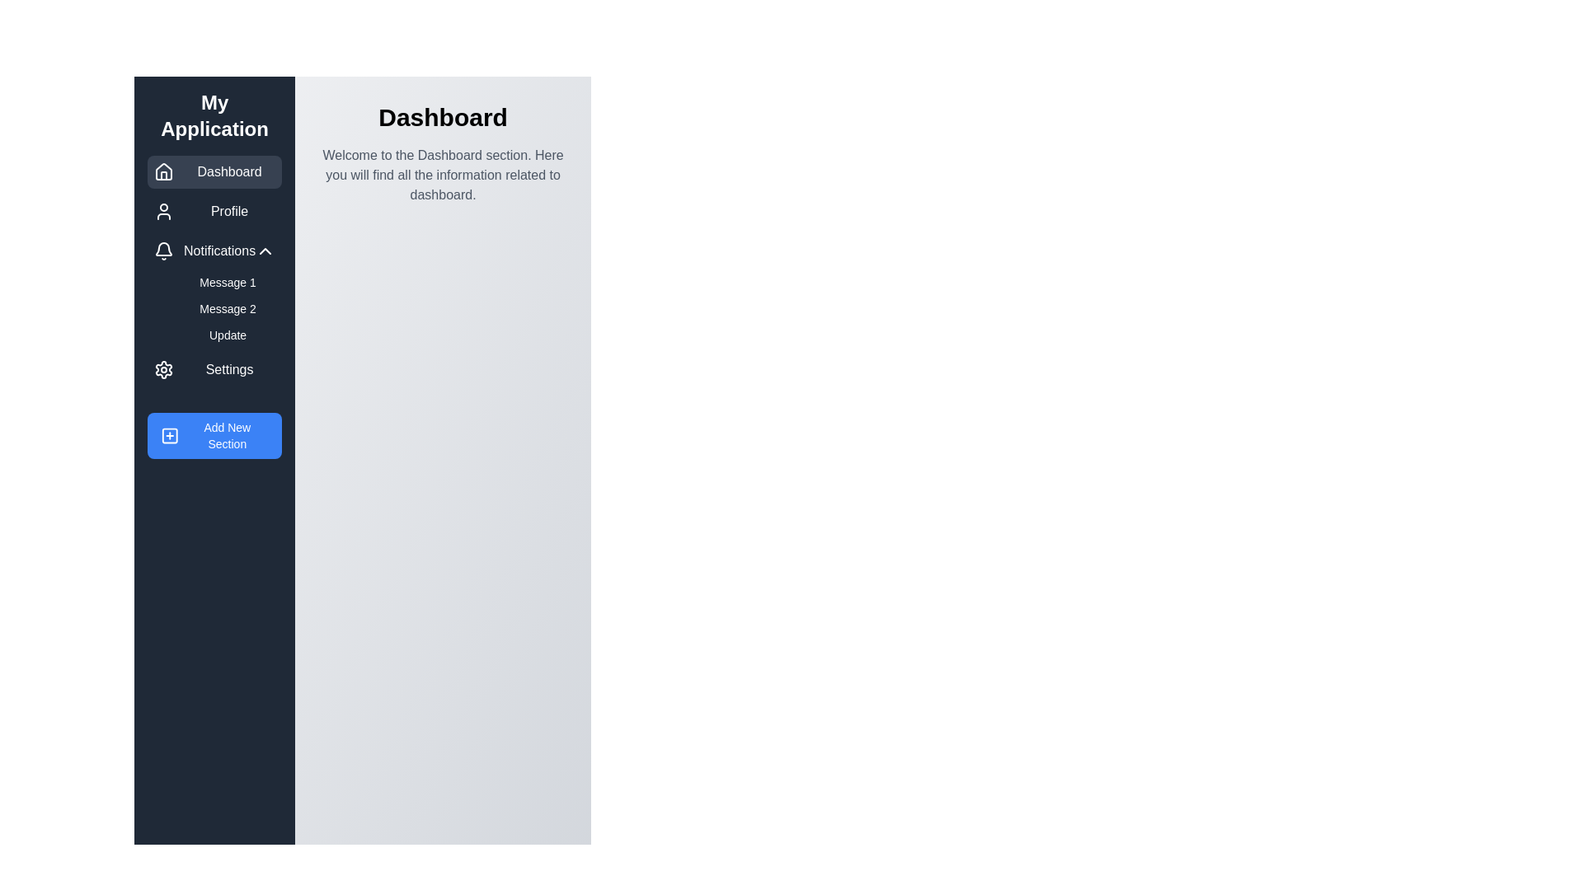  What do you see at coordinates (163, 171) in the screenshot?
I see `the house icon located in the left sidebar navigation menu, which is styled in minimalistic line art and positioned next to the 'Dashboard' label` at bounding box center [163, 171].